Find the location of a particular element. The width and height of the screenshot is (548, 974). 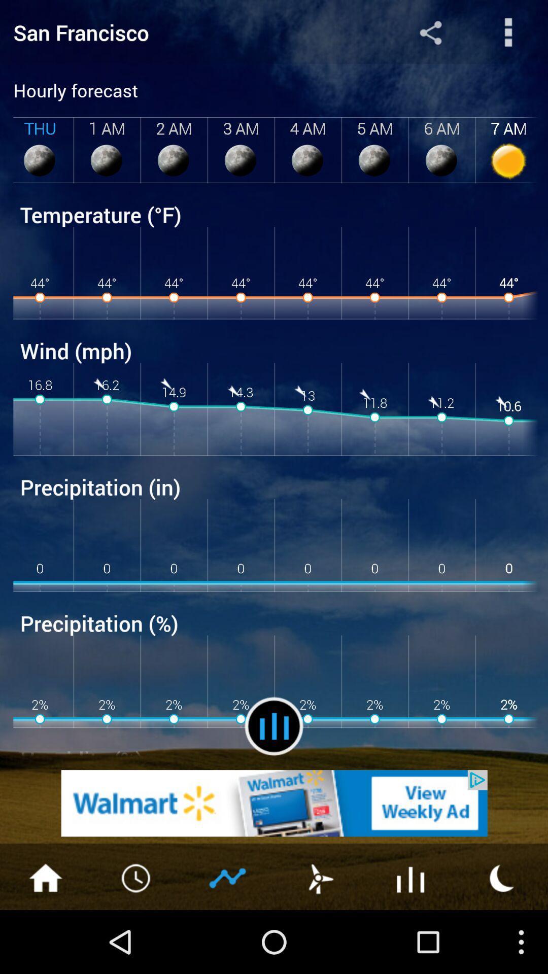

turn on night mode is located at coordinates (502, 877).